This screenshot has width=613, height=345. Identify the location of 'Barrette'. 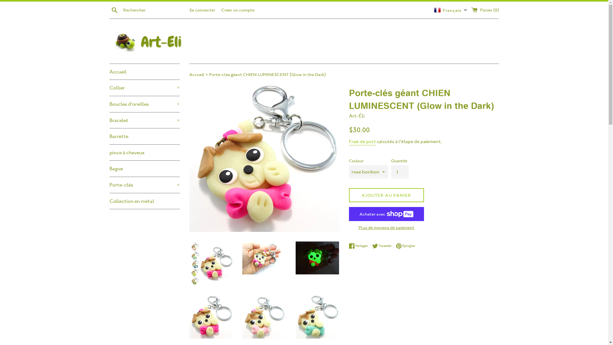
(144, 136).